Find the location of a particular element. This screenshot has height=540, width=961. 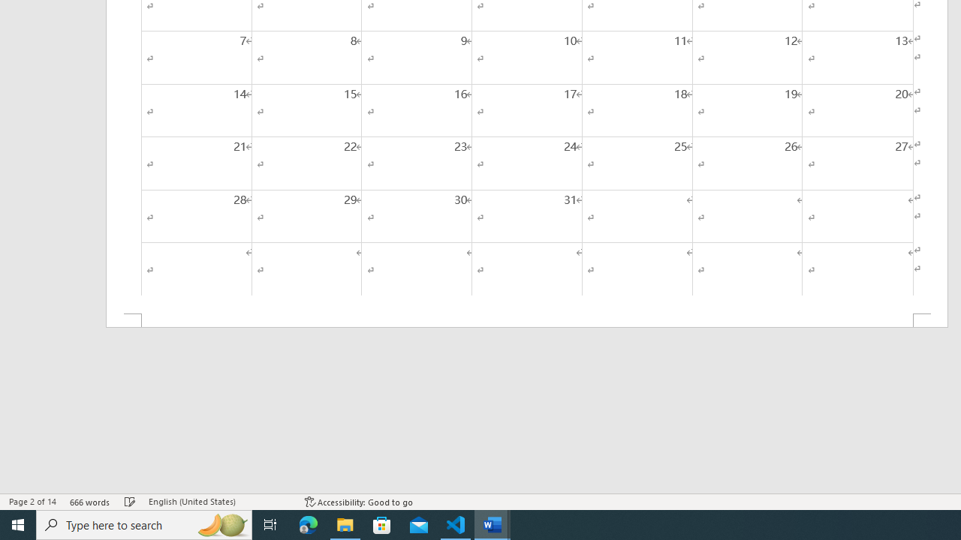

'Page Number Page 2 of 14' is located at coordinates (32, 502).